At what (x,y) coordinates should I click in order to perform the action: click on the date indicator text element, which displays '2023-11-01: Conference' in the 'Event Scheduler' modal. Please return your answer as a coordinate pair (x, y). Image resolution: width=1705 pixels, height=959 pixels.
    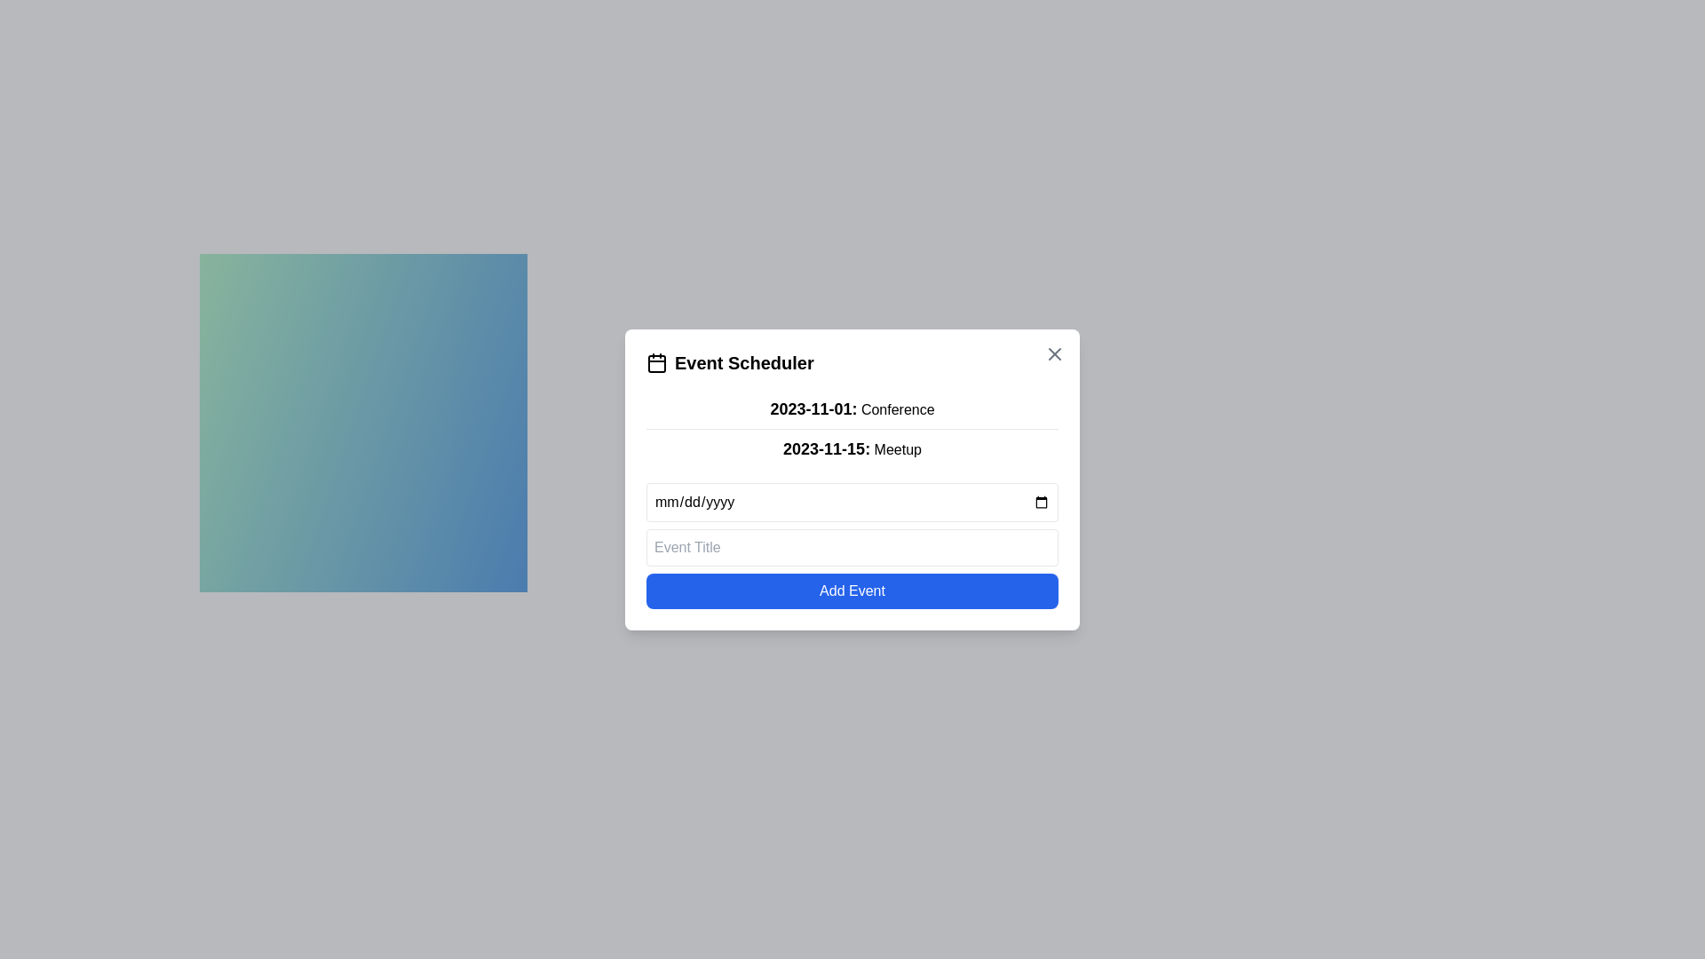
    Looking at the image, I should click on (813, 408).